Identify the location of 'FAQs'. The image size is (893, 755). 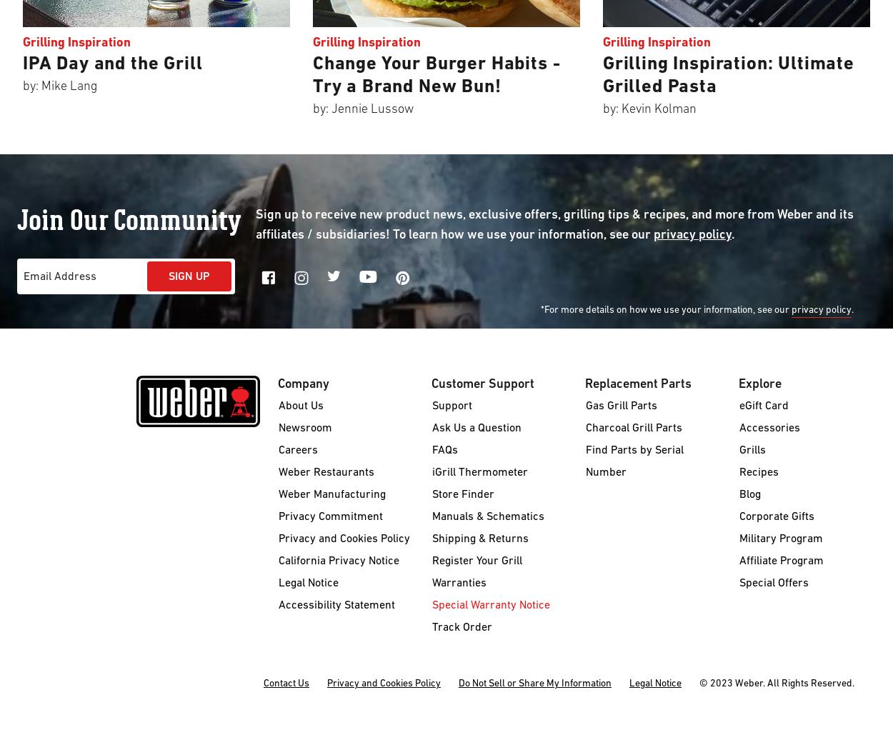
(431, 451).